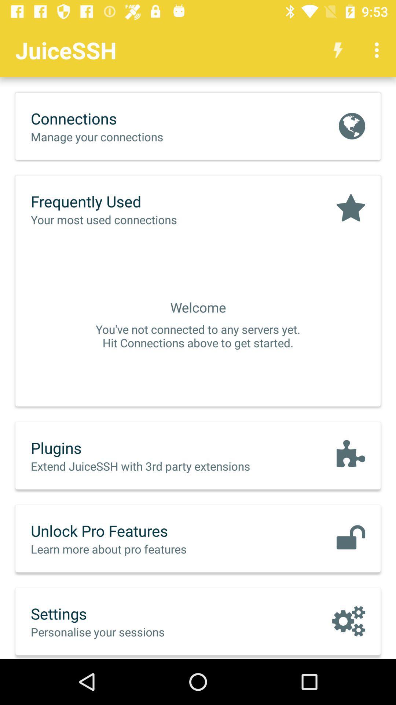 This screenshot has width=396, height=705. I want to click on the item next to the unlock pro features icon, so click(350, 538).